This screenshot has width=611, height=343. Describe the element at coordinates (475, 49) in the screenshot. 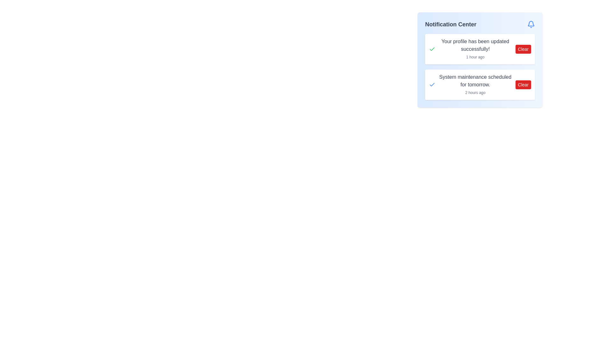

I see `the static text display in the 'Notification Center' that informs the user about their profile update` at that location.